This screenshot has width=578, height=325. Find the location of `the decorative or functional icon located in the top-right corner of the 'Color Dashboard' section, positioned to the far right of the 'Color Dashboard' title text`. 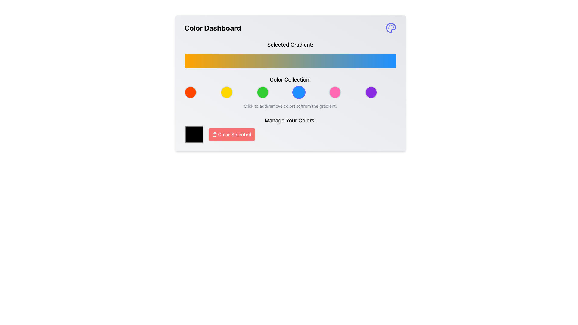

the decorative or functional icon located in the top-right corner of the 'Color Dashboard' section, positioned to the far right of the 'Color Dashboard' title text is located at coordinates (391, 28).